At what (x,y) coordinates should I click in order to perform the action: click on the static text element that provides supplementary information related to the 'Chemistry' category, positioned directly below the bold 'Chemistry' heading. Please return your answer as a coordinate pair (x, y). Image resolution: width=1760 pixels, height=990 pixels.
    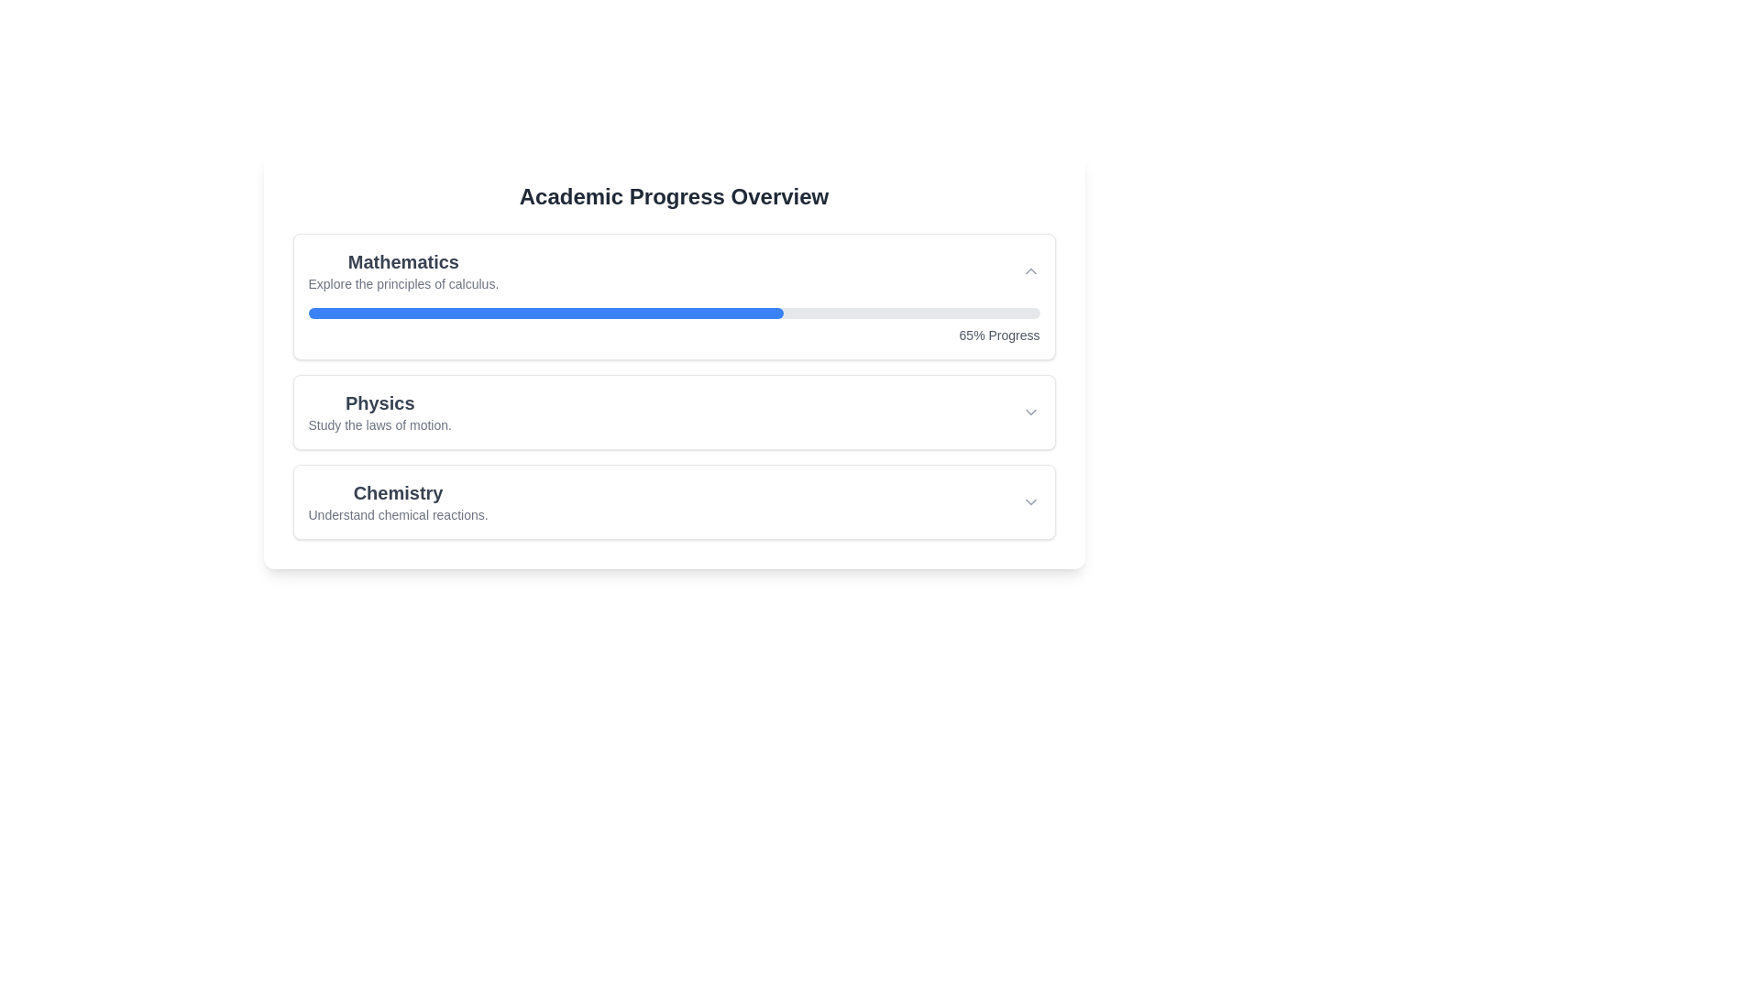
    Looking at the image, I should click on (397, 515).